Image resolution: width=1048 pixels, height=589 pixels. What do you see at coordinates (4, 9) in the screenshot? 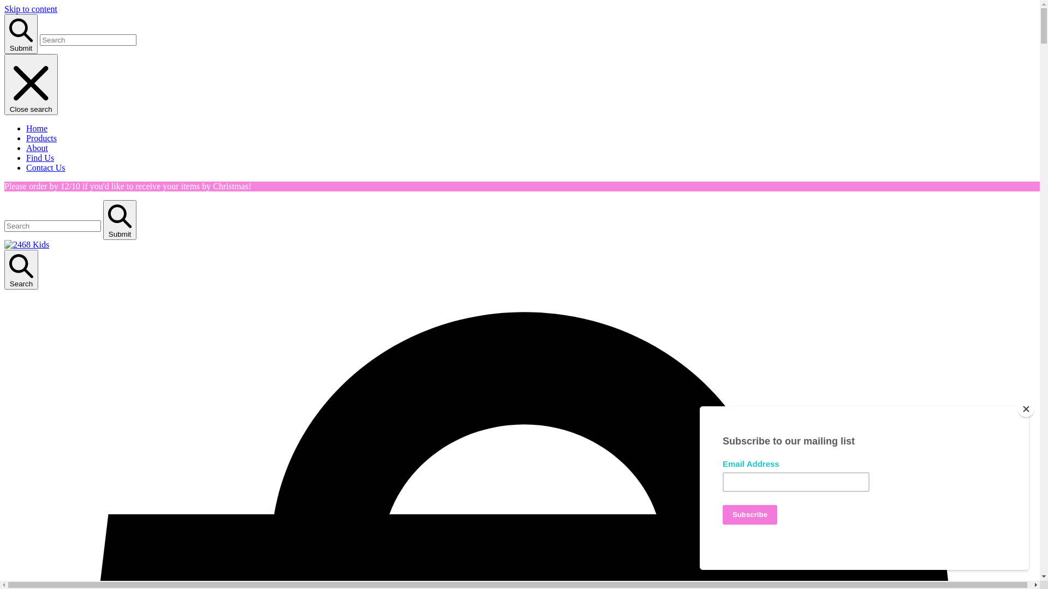
I see `'Skip to content'` at bounding box center [4, 9].